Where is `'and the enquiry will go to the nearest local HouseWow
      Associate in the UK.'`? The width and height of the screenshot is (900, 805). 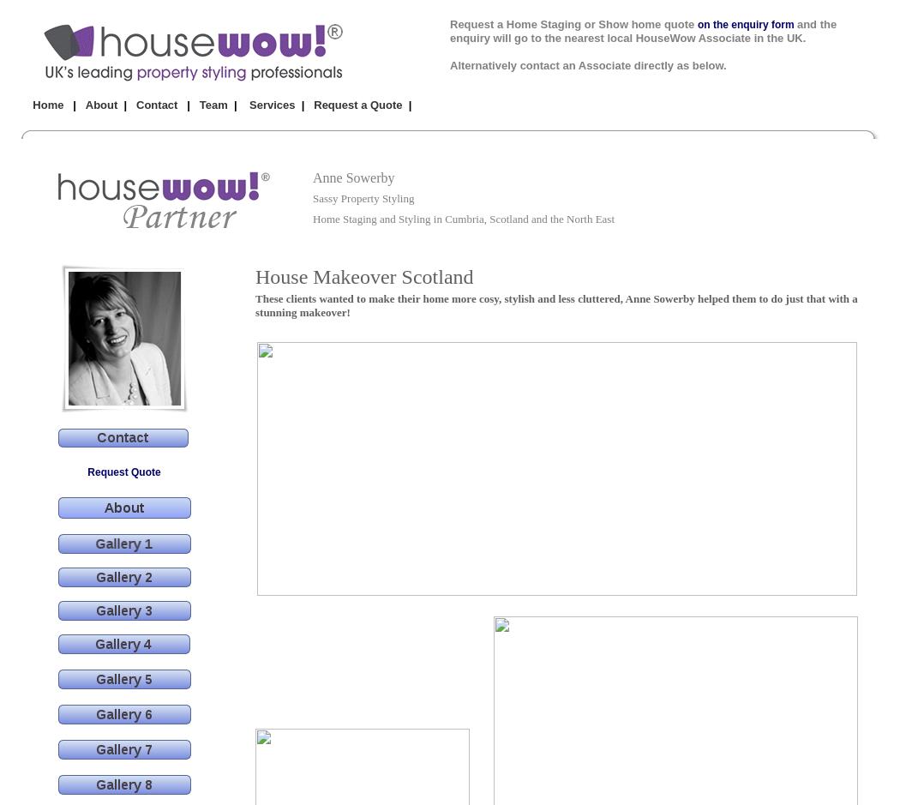
'and the enquiry will go to the nearest local HouseWow
      Associate in the UK.' is located at coordinates (643, 31).